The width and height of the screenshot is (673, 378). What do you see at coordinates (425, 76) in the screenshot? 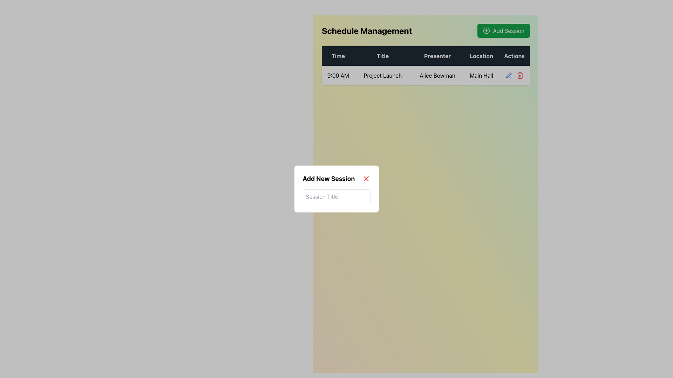
I see `the first schedule entry row` at bounding box center [425, 76].